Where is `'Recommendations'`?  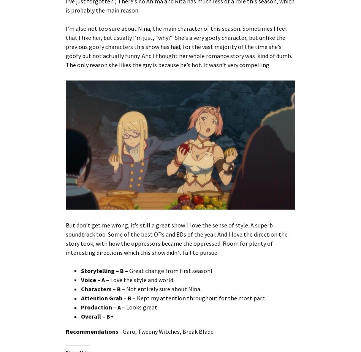 'Recommendations' is located at coordinates (92, 331).